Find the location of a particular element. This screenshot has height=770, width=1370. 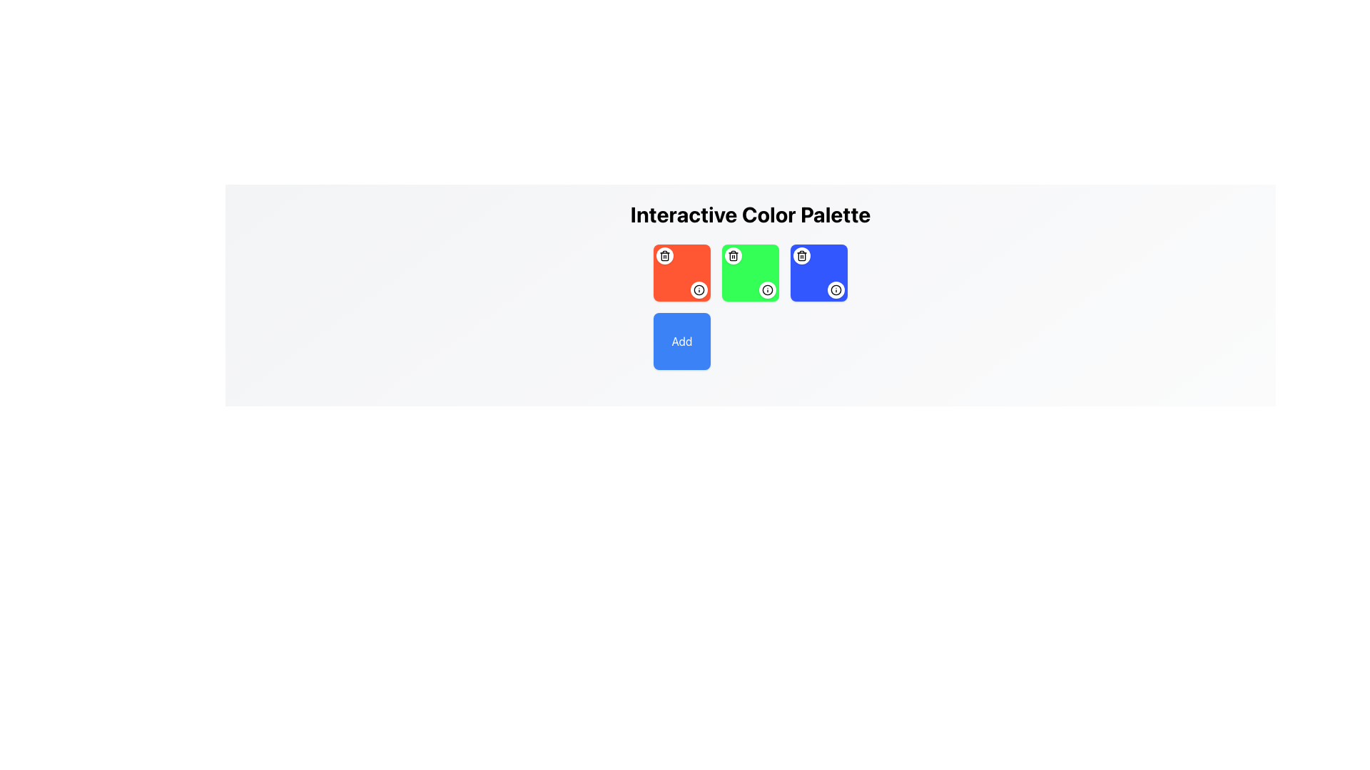

the delete button located at the top-left corner of the blue square in the third column of colored squares, second row is located at coordinates (801, 255).